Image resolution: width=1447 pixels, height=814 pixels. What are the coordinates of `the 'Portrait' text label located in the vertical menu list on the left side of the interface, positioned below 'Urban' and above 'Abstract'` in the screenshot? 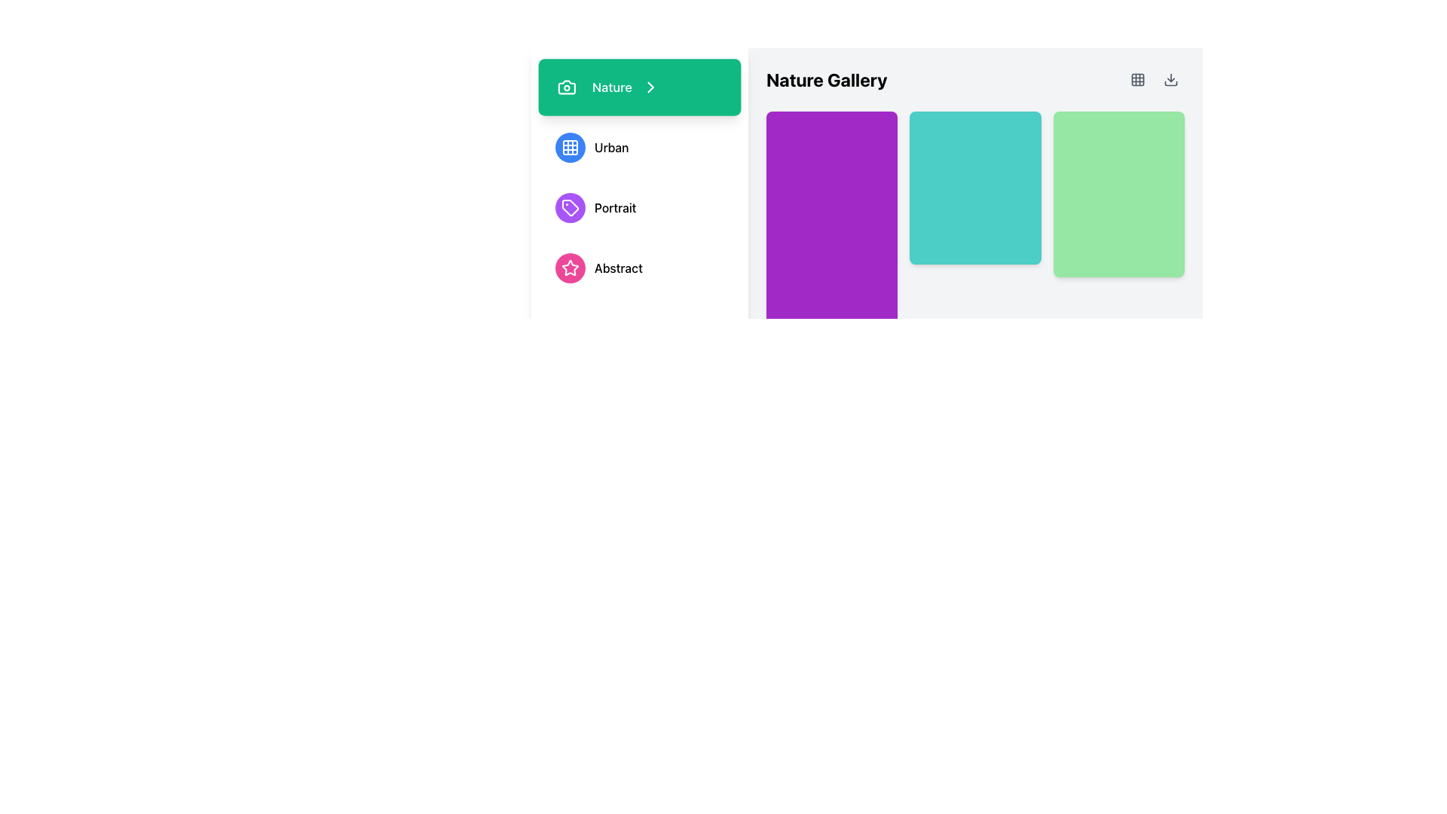 It's located at (615, 208).